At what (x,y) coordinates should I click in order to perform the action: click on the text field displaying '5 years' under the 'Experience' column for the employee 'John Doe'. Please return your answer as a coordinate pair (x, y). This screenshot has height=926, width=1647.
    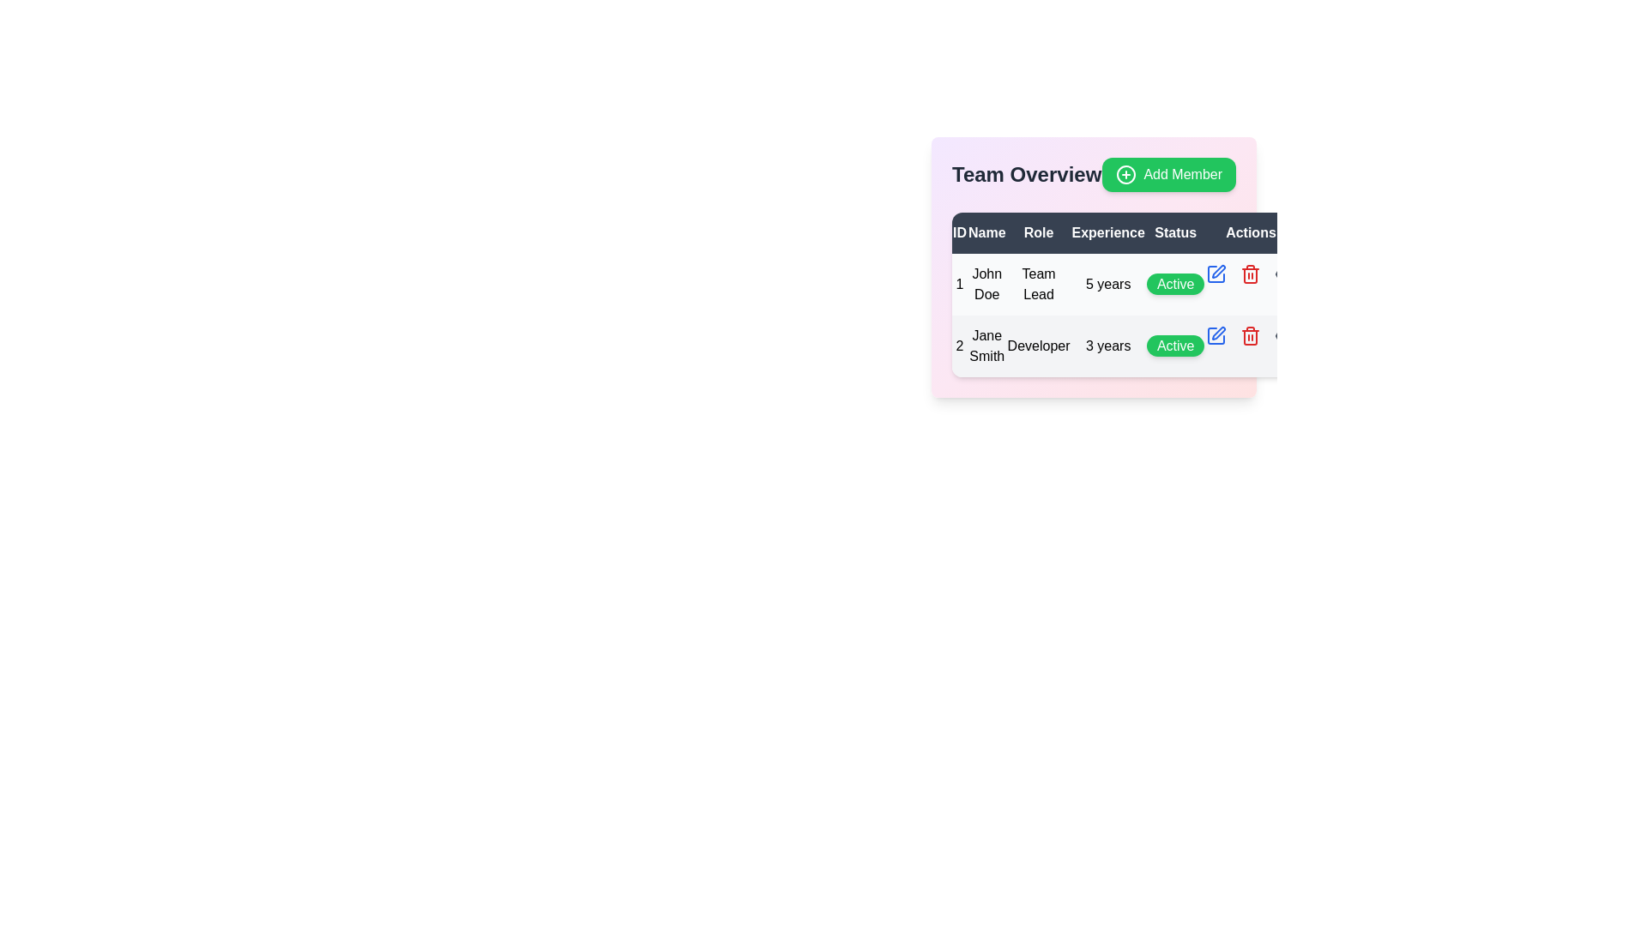
    Looking at the image, I should click on (1108, 283).